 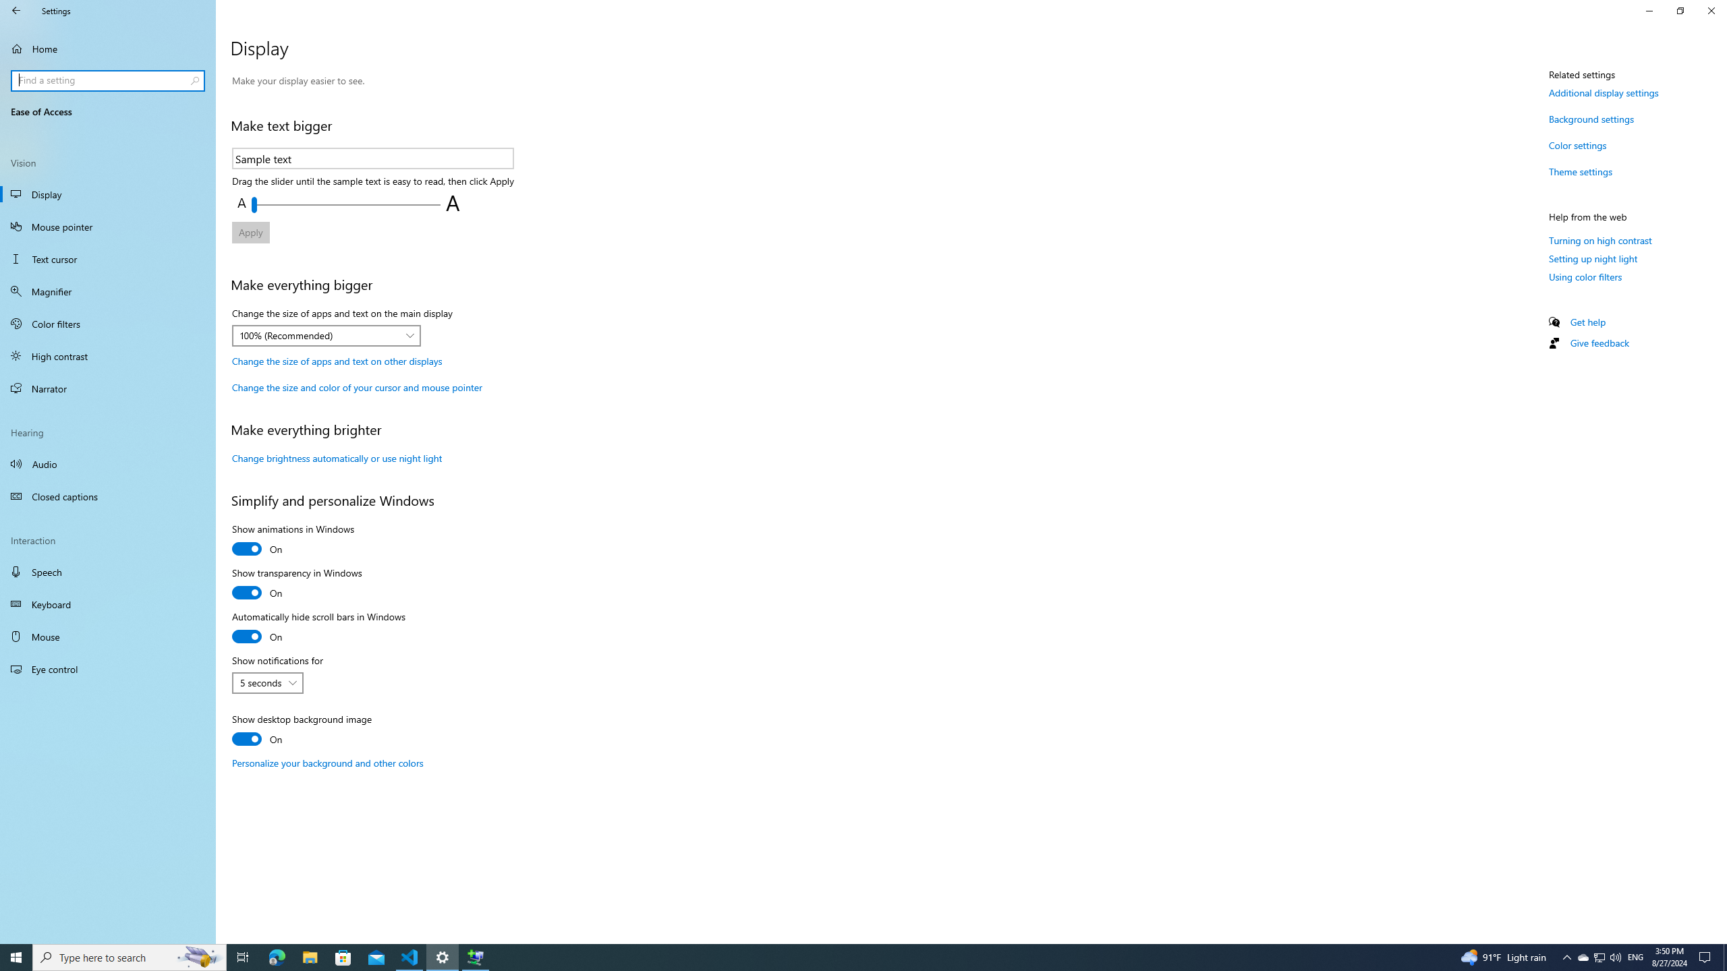 I want to click on 'Keyboard', so click(x=107, y=604).